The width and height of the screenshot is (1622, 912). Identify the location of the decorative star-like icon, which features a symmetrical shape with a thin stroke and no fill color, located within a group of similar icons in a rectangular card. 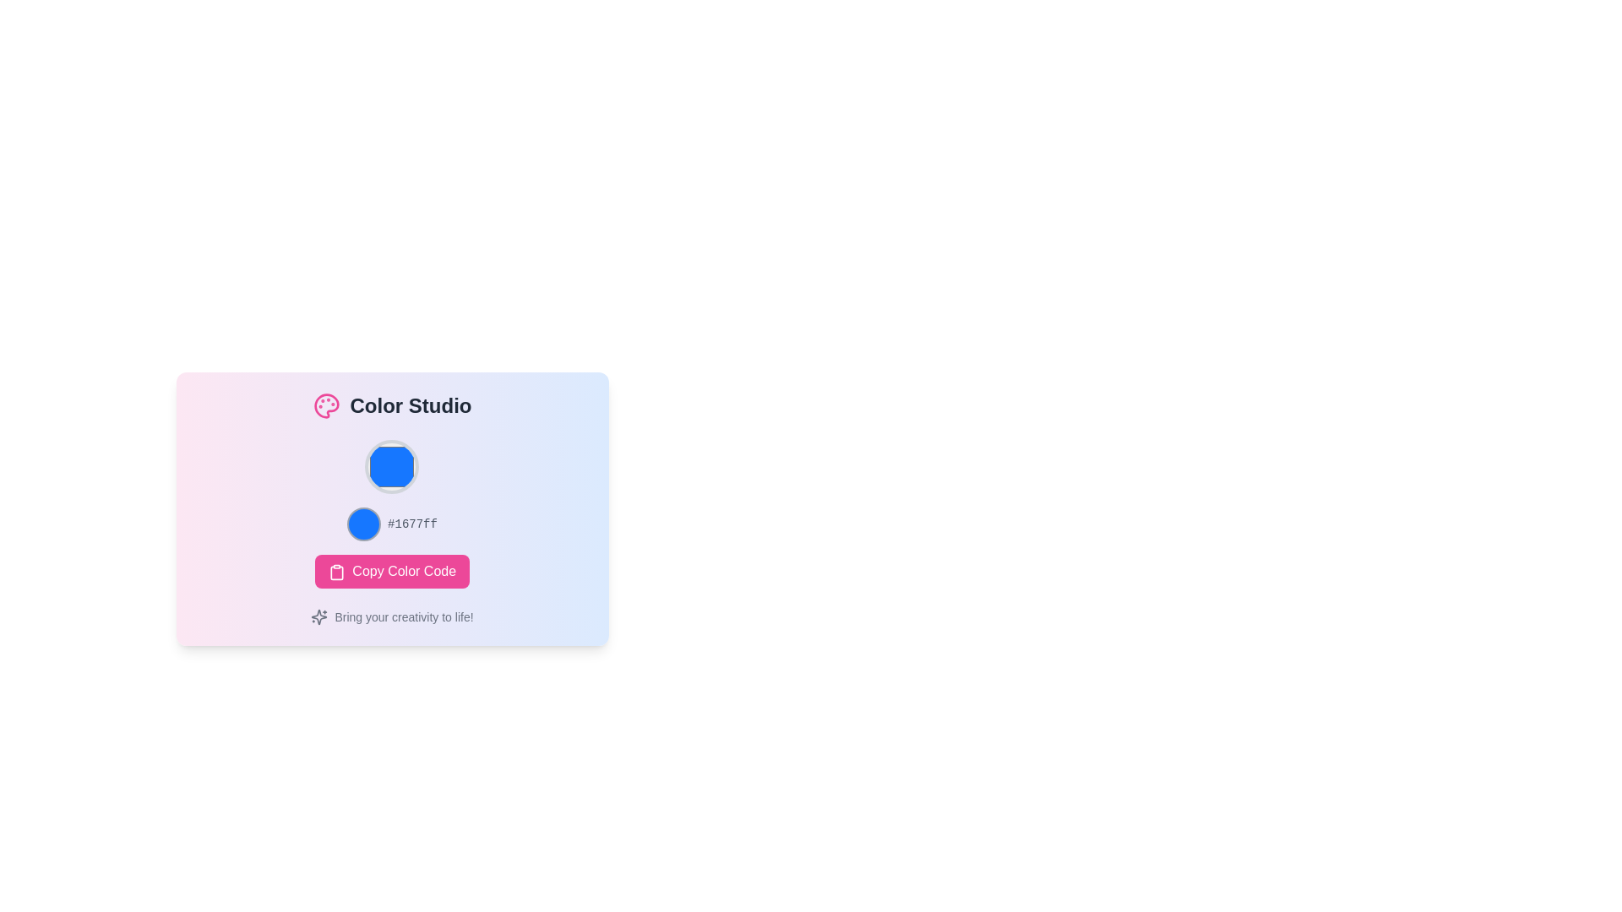
(319, 617).